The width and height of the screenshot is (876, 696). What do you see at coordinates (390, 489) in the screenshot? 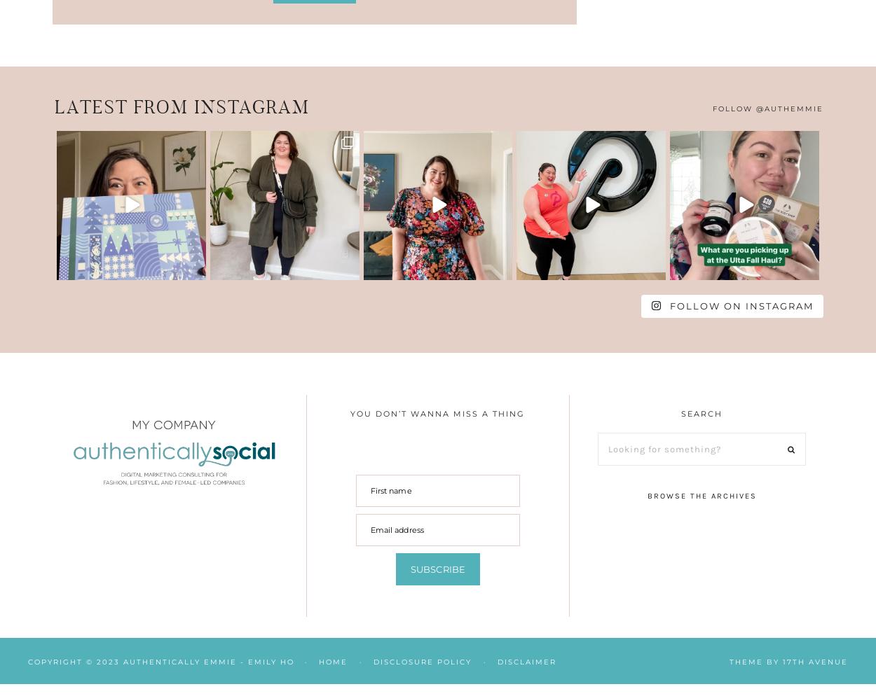
I see `'First name'` at bounding box center [390, 489].